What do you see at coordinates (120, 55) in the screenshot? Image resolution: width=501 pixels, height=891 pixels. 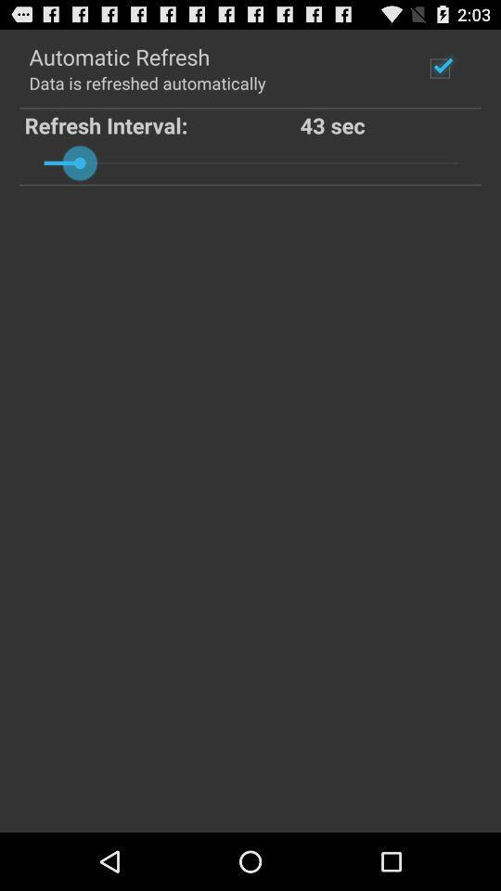 I see `automatic refresh icon` at bounding box center [120, 55].